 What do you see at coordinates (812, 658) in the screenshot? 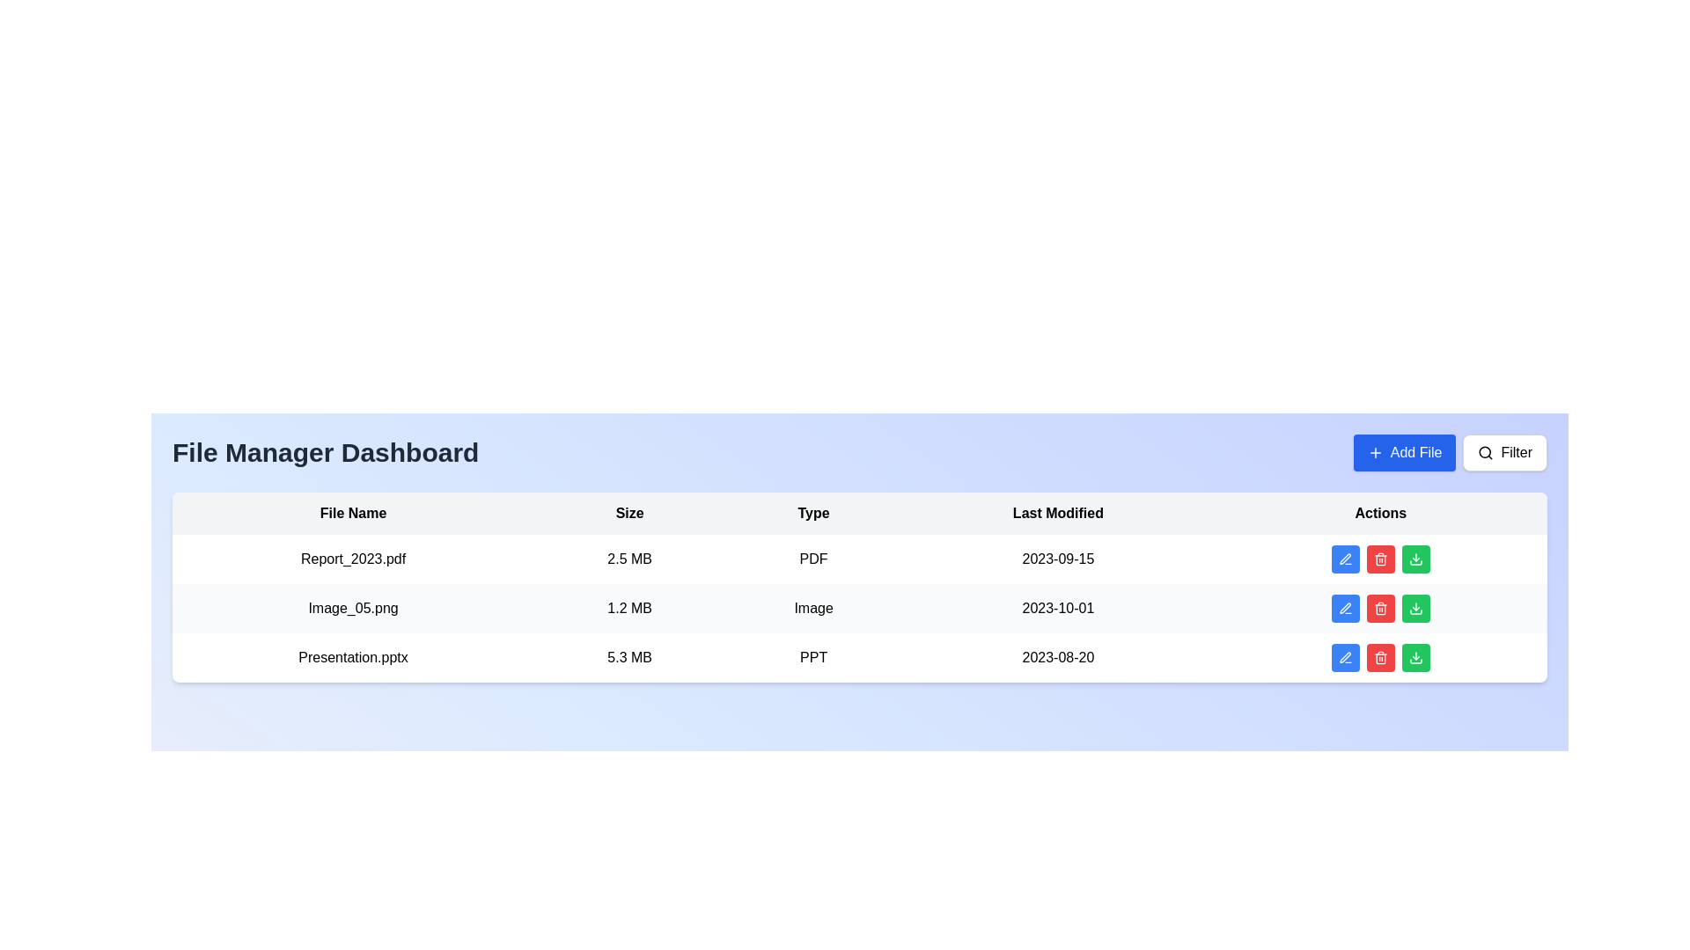
I see `the text content of the centered label reading 'PPT' in the 'Type' column of the table's third row` at bounding box center [812, 658].